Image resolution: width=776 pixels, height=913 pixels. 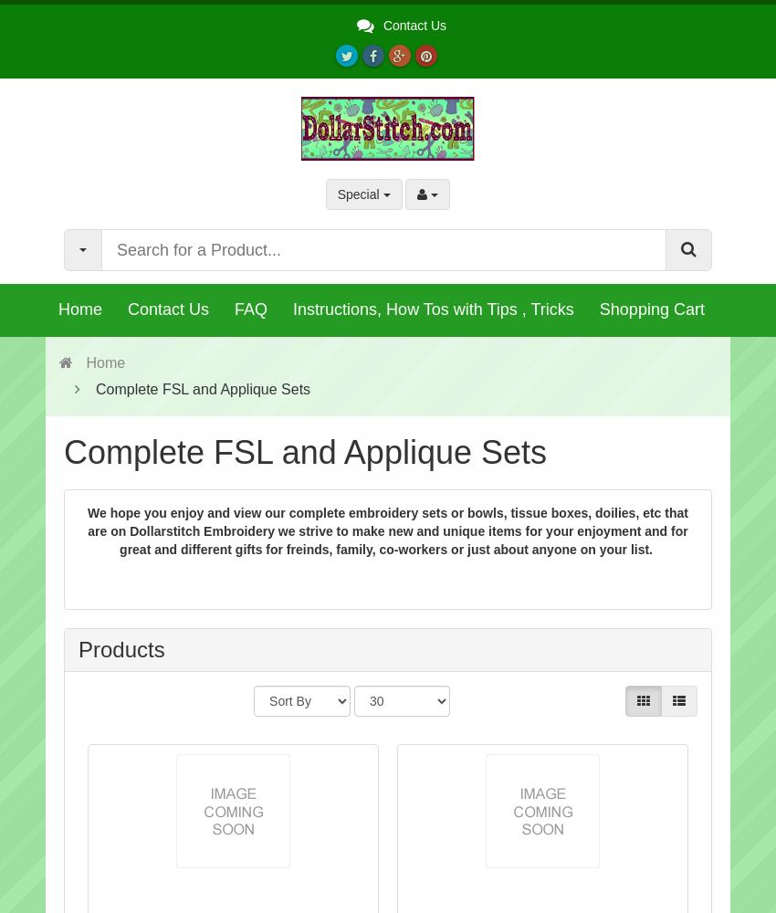 I want to click on 'on Dollarstitch Embroidery we strive to make new and unique items for your enjoyment and for great and different gifts for freinds, family, co-workers or just about anyone on your list.', so click(x=397, y=539).